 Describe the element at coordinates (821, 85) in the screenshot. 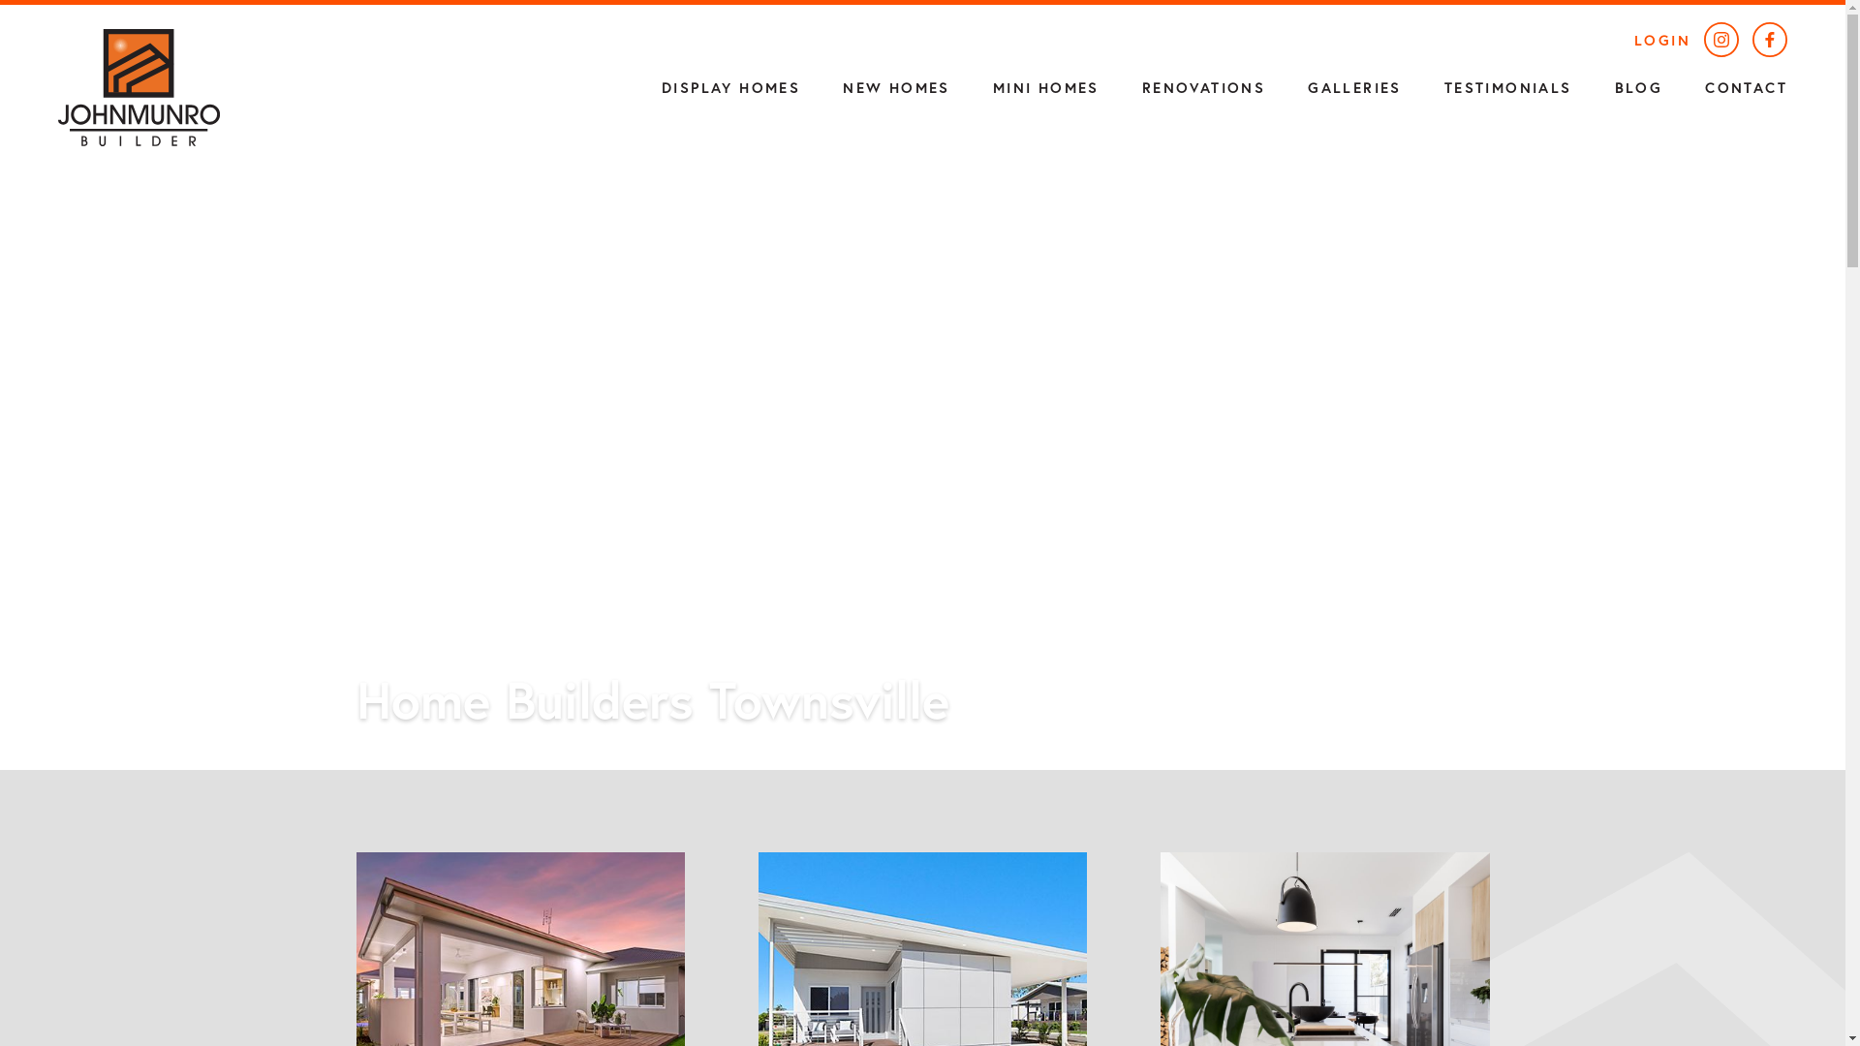

I see `'NEW HOMES'` at that location.